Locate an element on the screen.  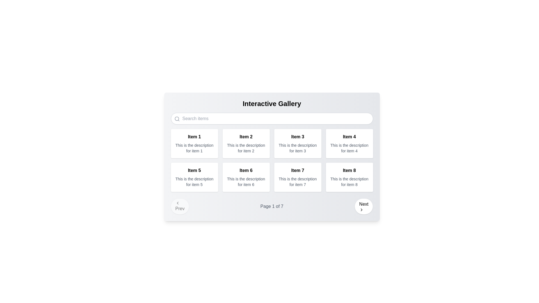
the circular icon component with a distinct border line located in the top-left corner of the search bar is located at coordinates (176, 118).